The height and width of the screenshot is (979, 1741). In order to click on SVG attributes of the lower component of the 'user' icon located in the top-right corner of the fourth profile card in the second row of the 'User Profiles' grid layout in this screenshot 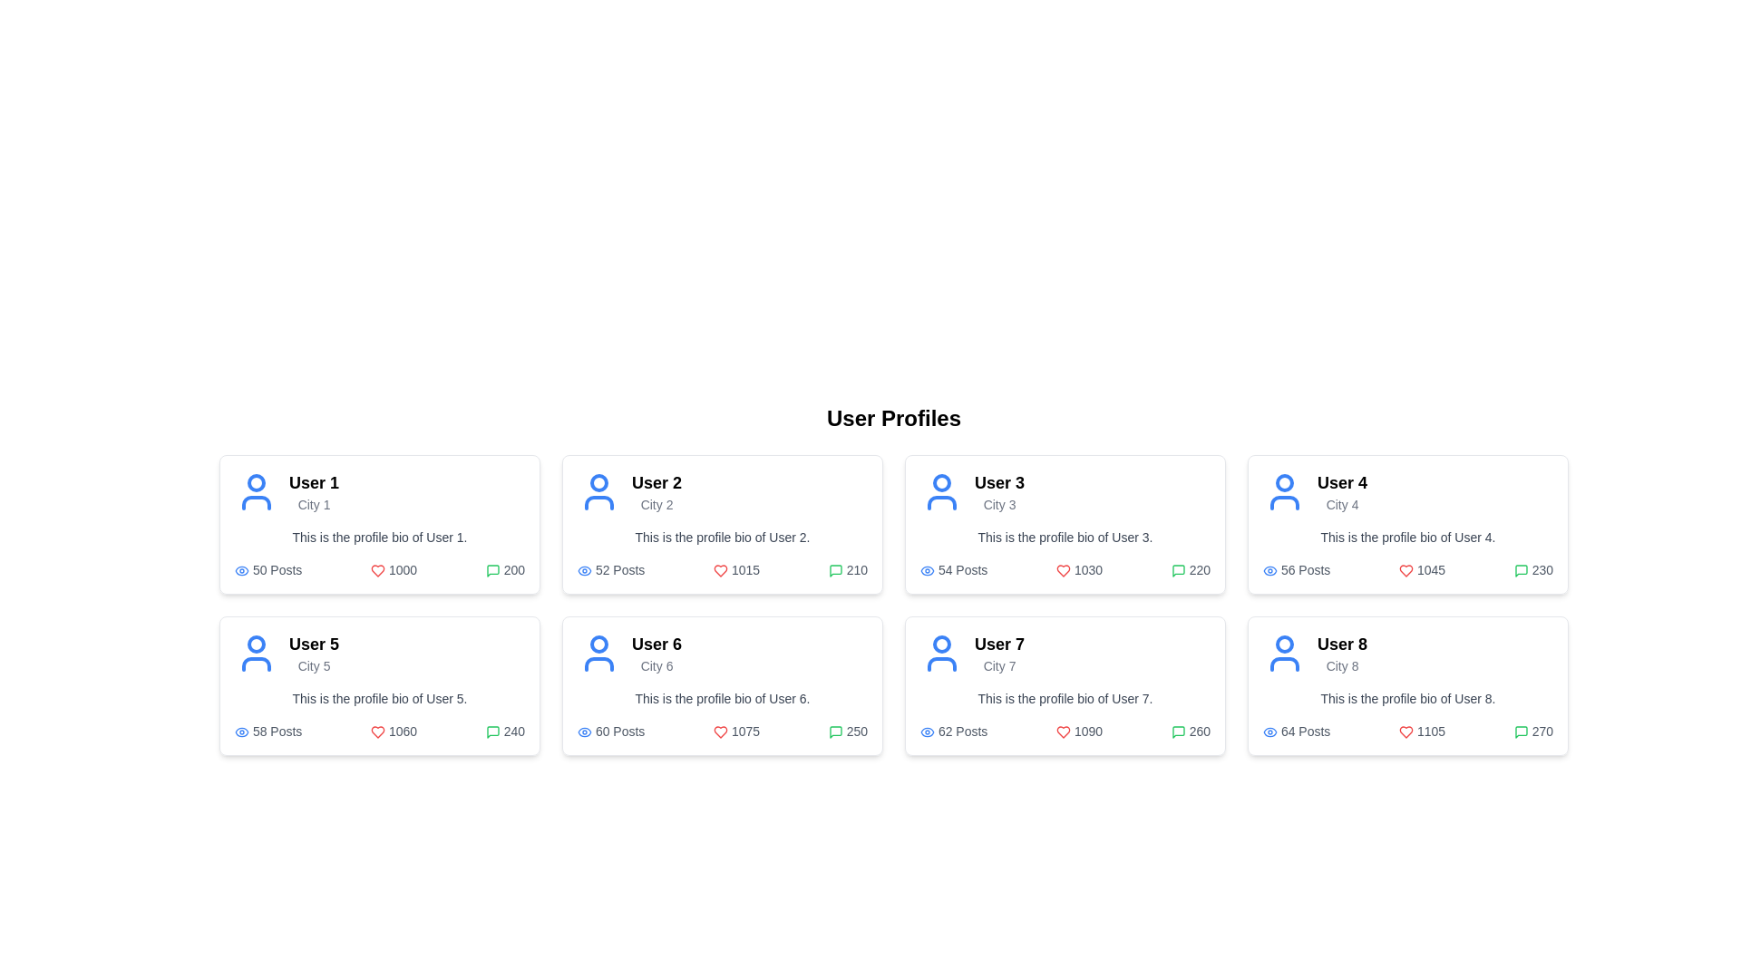, I will do `click(1283, 503)`.